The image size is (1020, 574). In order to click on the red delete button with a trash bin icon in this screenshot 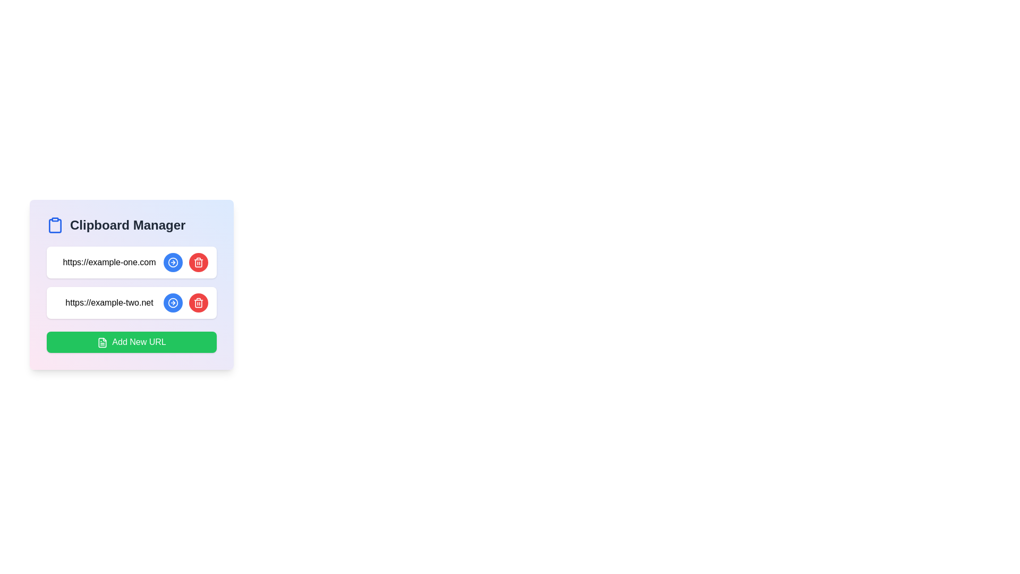, I will do `click(186, 303)`.